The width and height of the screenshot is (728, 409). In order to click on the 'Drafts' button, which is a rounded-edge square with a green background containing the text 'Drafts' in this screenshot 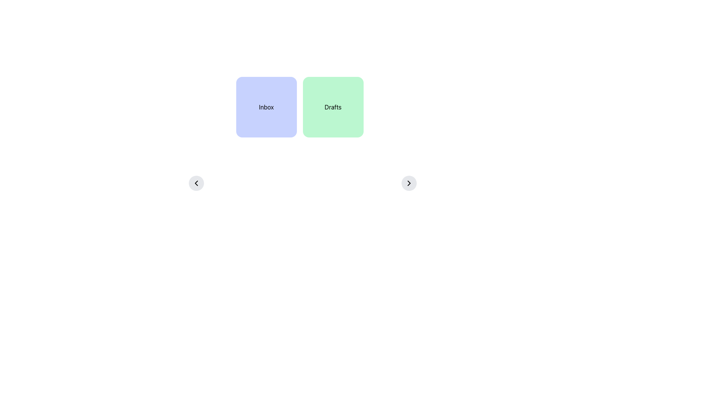, I will do `click(333, 107)`.